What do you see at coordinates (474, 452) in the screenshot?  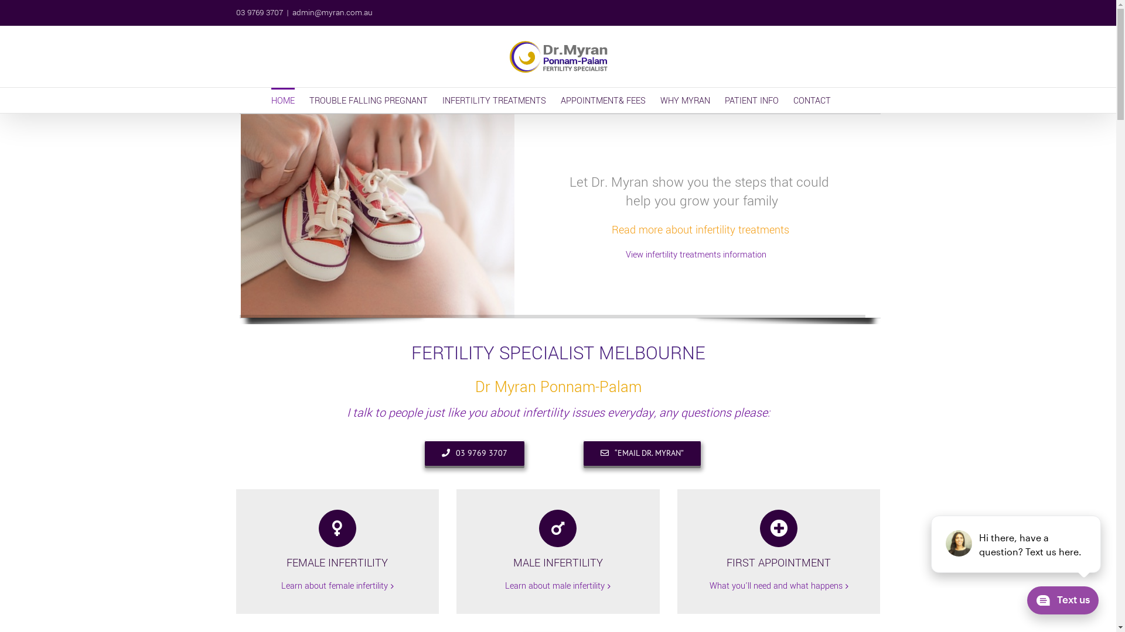 I see `'03 9769 3707'` at bounding box center [474, 452].